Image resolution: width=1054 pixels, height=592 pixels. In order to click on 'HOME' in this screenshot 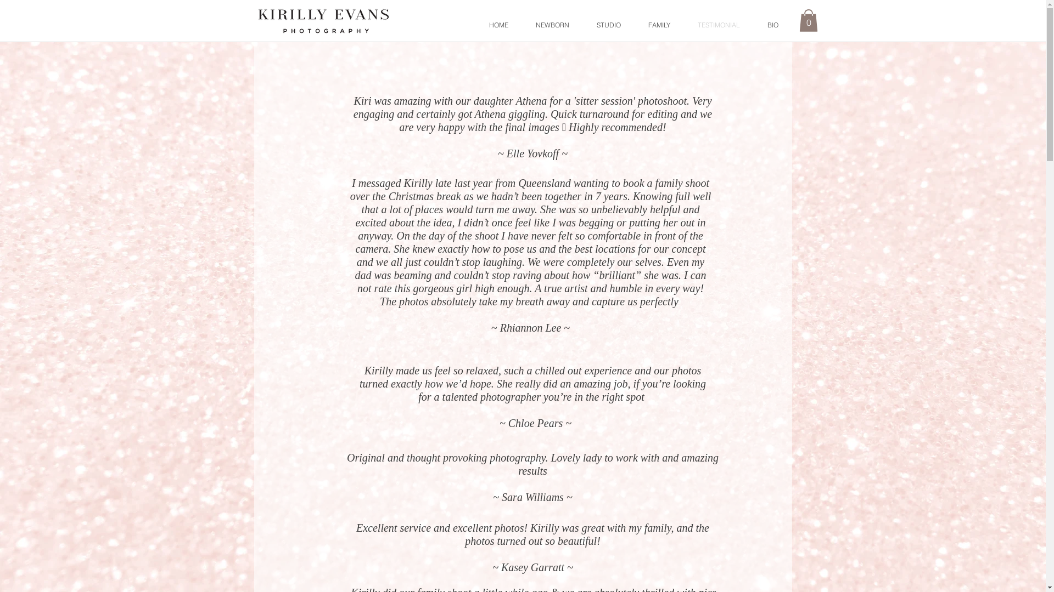, I will do `click(498, 25)`.